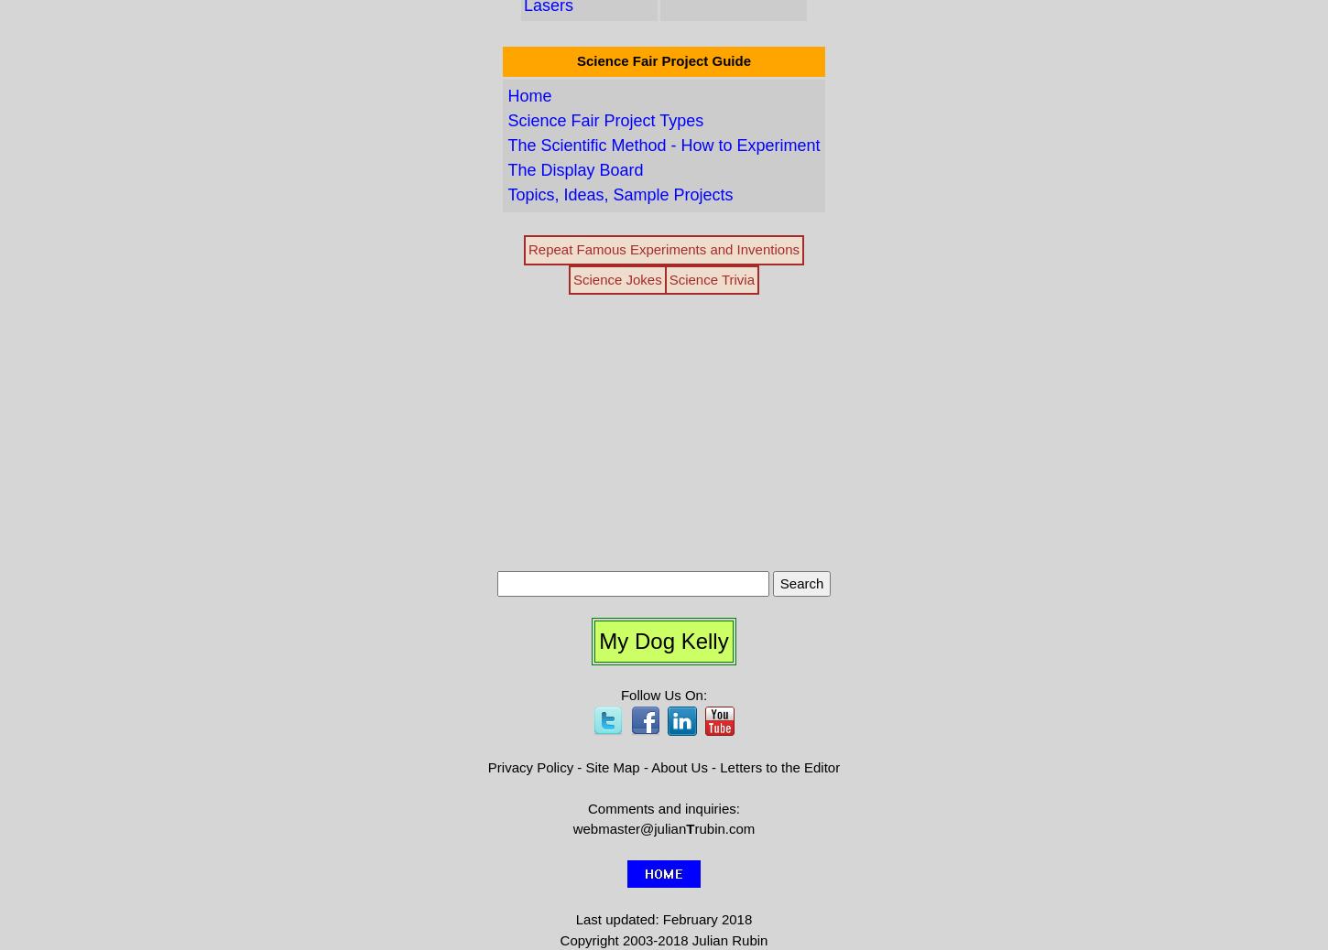 The image size is (1328, 950). What do you see at coordinates (690, 828) in the screenshot?
I see `'T'` at bounding box center [690, 828].